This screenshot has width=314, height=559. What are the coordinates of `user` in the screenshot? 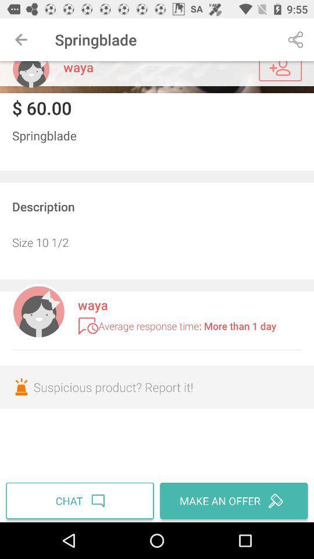 It's located at (280, 70).